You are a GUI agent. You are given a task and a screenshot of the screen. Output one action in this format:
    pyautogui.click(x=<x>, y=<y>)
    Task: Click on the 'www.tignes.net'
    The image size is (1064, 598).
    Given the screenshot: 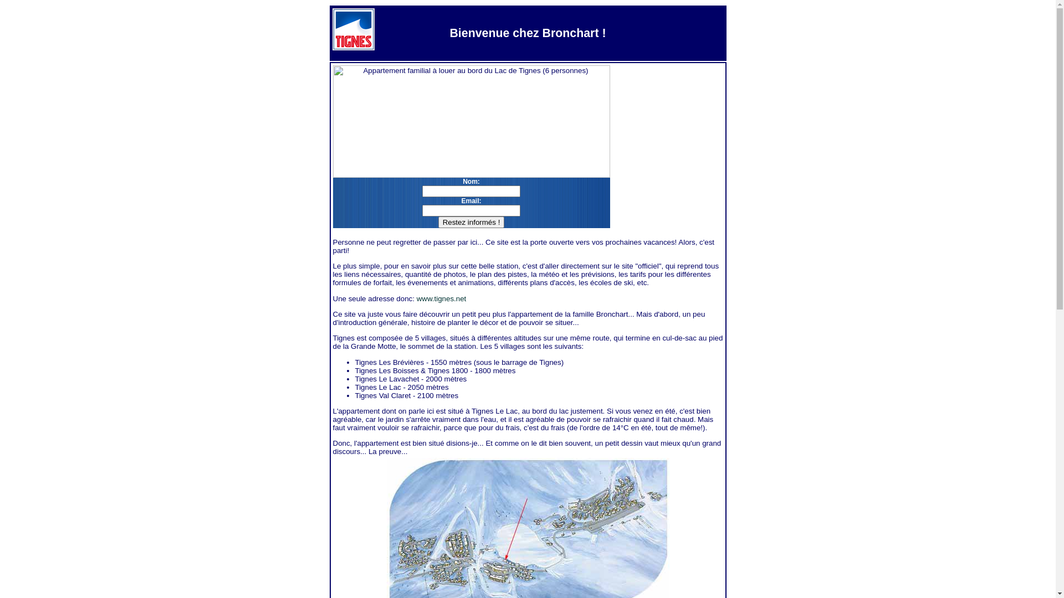 What is the action you would take?
    pyautogui.click(x=441, y=298)
    